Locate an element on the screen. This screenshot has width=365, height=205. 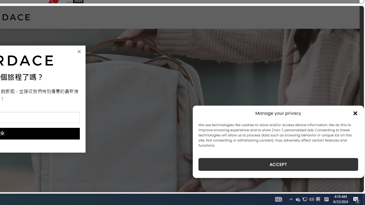
'Class: cmplz-close' is located at coordinates (355, 113).